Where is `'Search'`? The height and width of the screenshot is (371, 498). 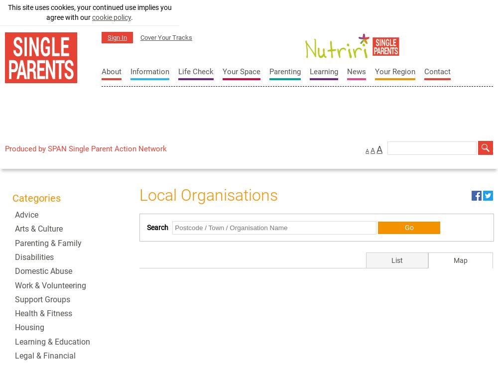 'Search' is located at coordinates (157, 227).